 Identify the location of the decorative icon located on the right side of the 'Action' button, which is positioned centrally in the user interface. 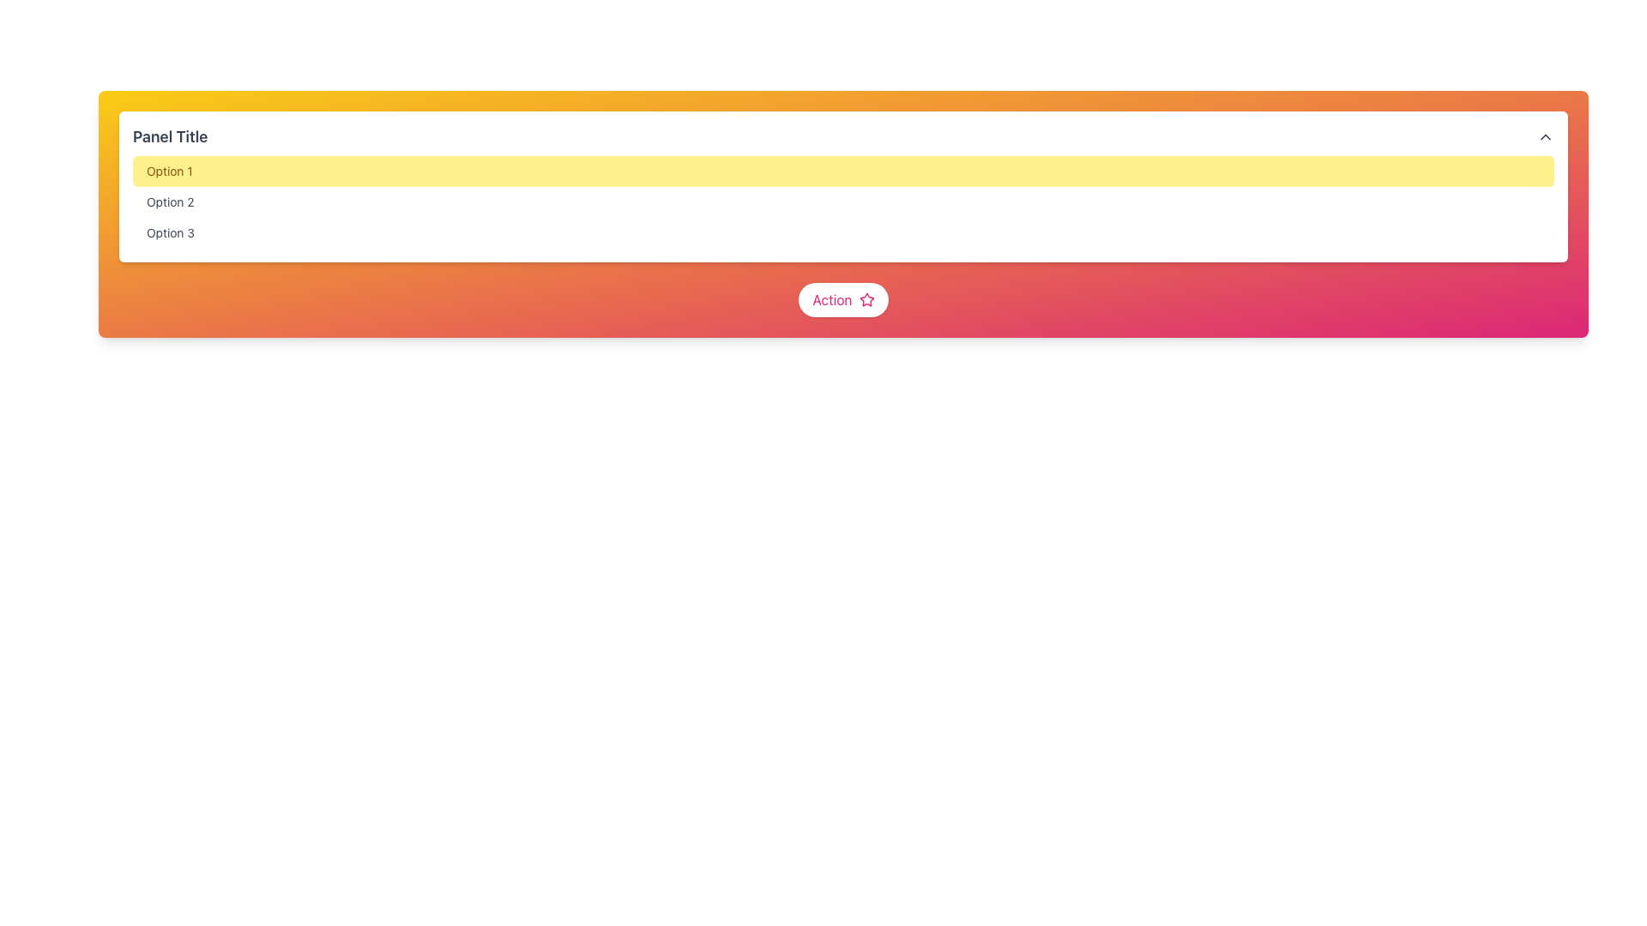
(866, 299).